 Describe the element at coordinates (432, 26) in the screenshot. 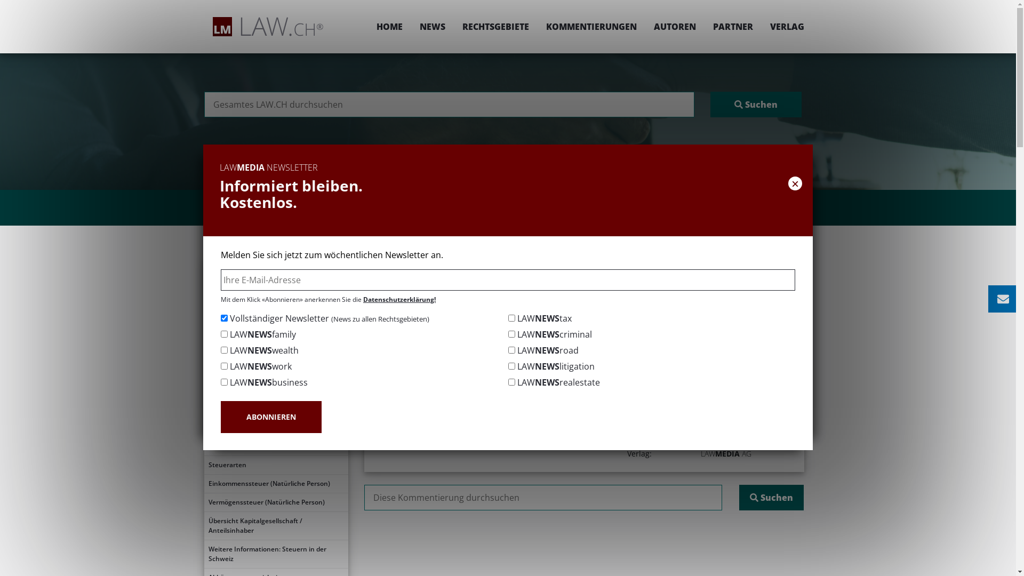

I see `'NEWS'` at that location.